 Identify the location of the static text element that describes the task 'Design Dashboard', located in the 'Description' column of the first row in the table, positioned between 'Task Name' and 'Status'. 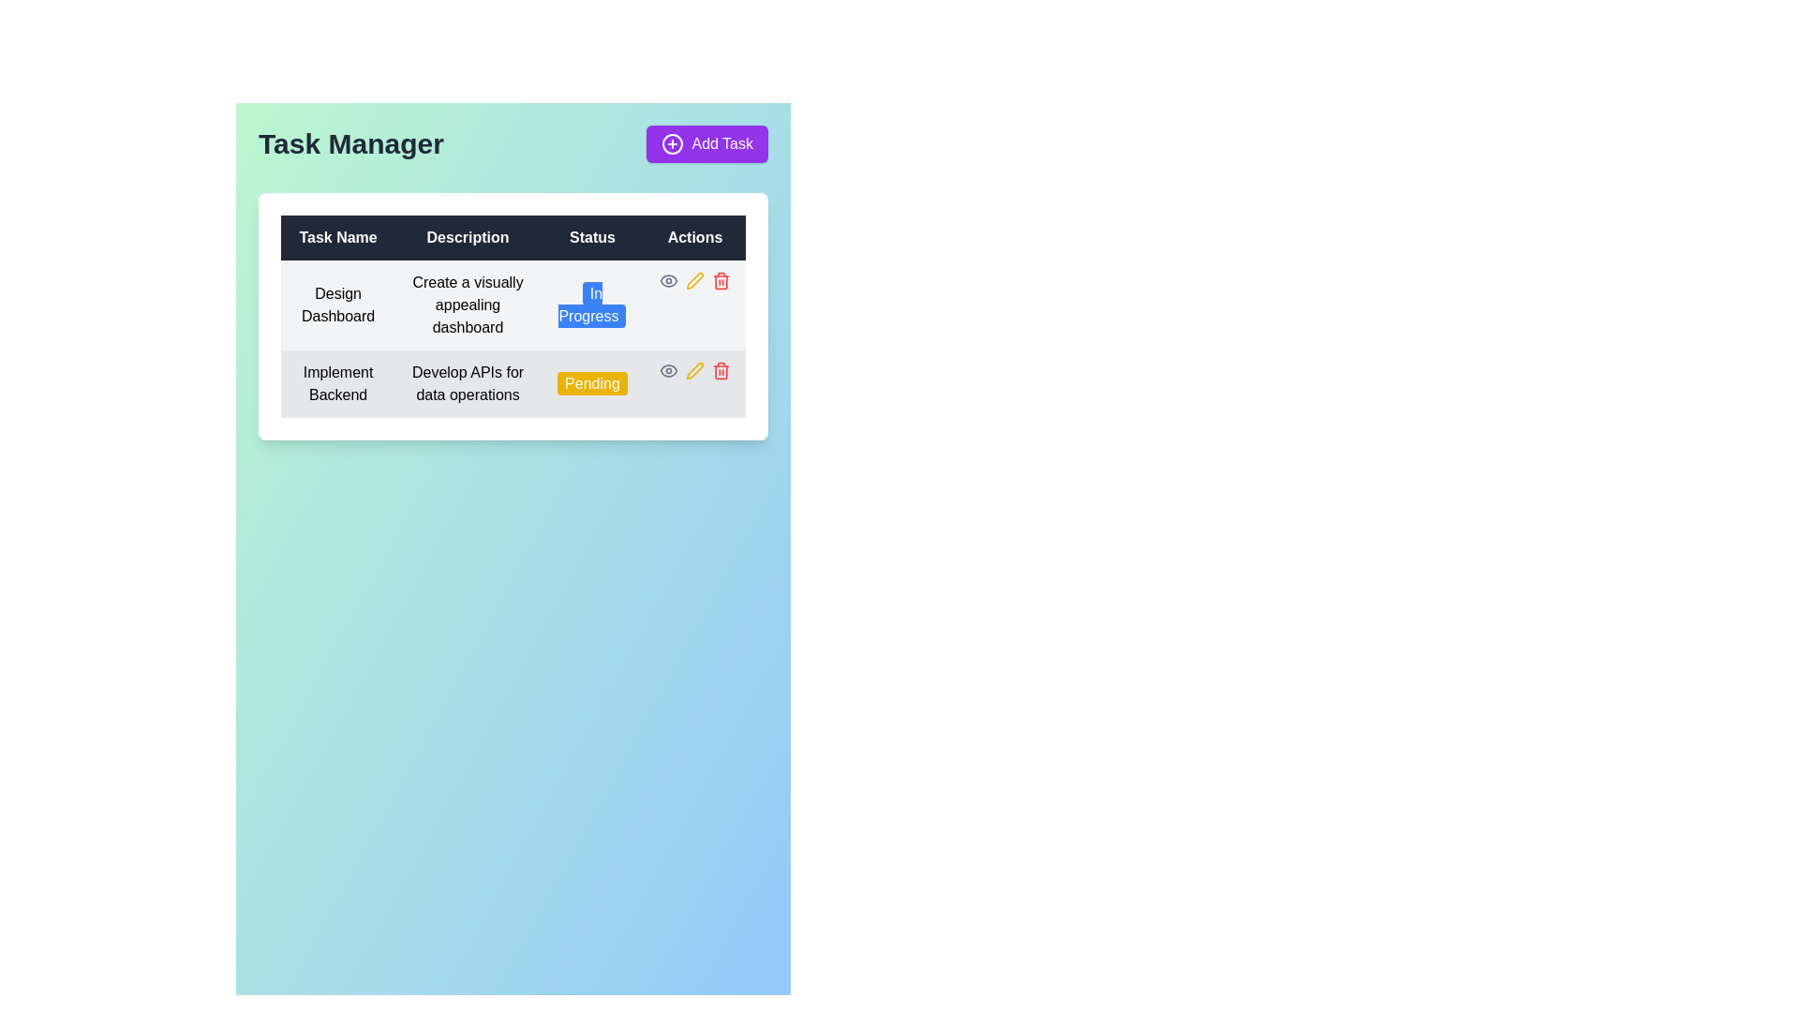
(468, 305).